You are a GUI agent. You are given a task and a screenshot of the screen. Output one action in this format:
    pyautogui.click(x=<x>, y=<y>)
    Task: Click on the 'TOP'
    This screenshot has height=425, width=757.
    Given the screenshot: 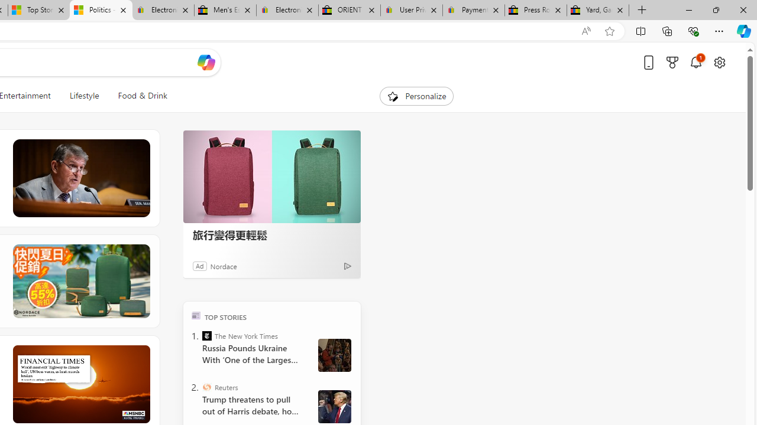 What is the action you would take?
    pyautogui.click(x=196, y=315)
    